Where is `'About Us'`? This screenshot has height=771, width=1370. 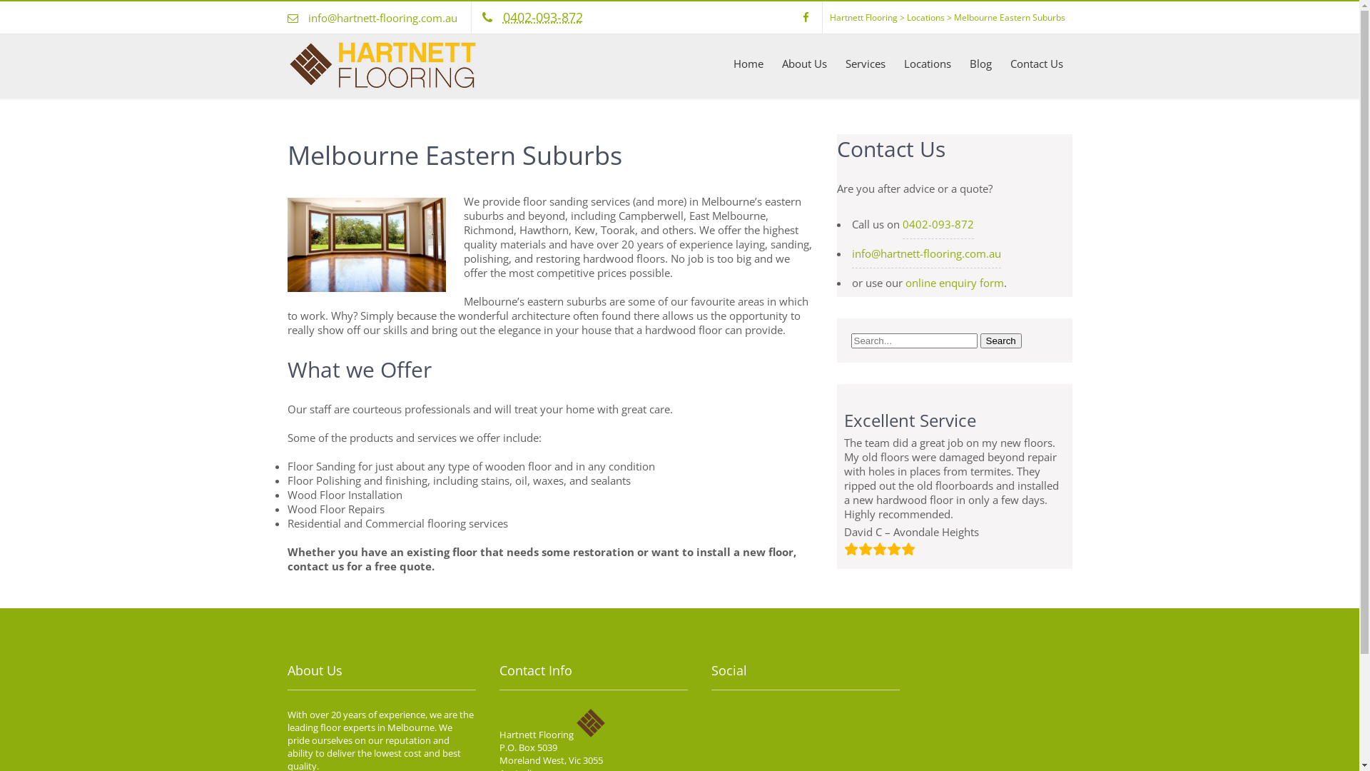
'About Us' is located at coordinates (803, 62).